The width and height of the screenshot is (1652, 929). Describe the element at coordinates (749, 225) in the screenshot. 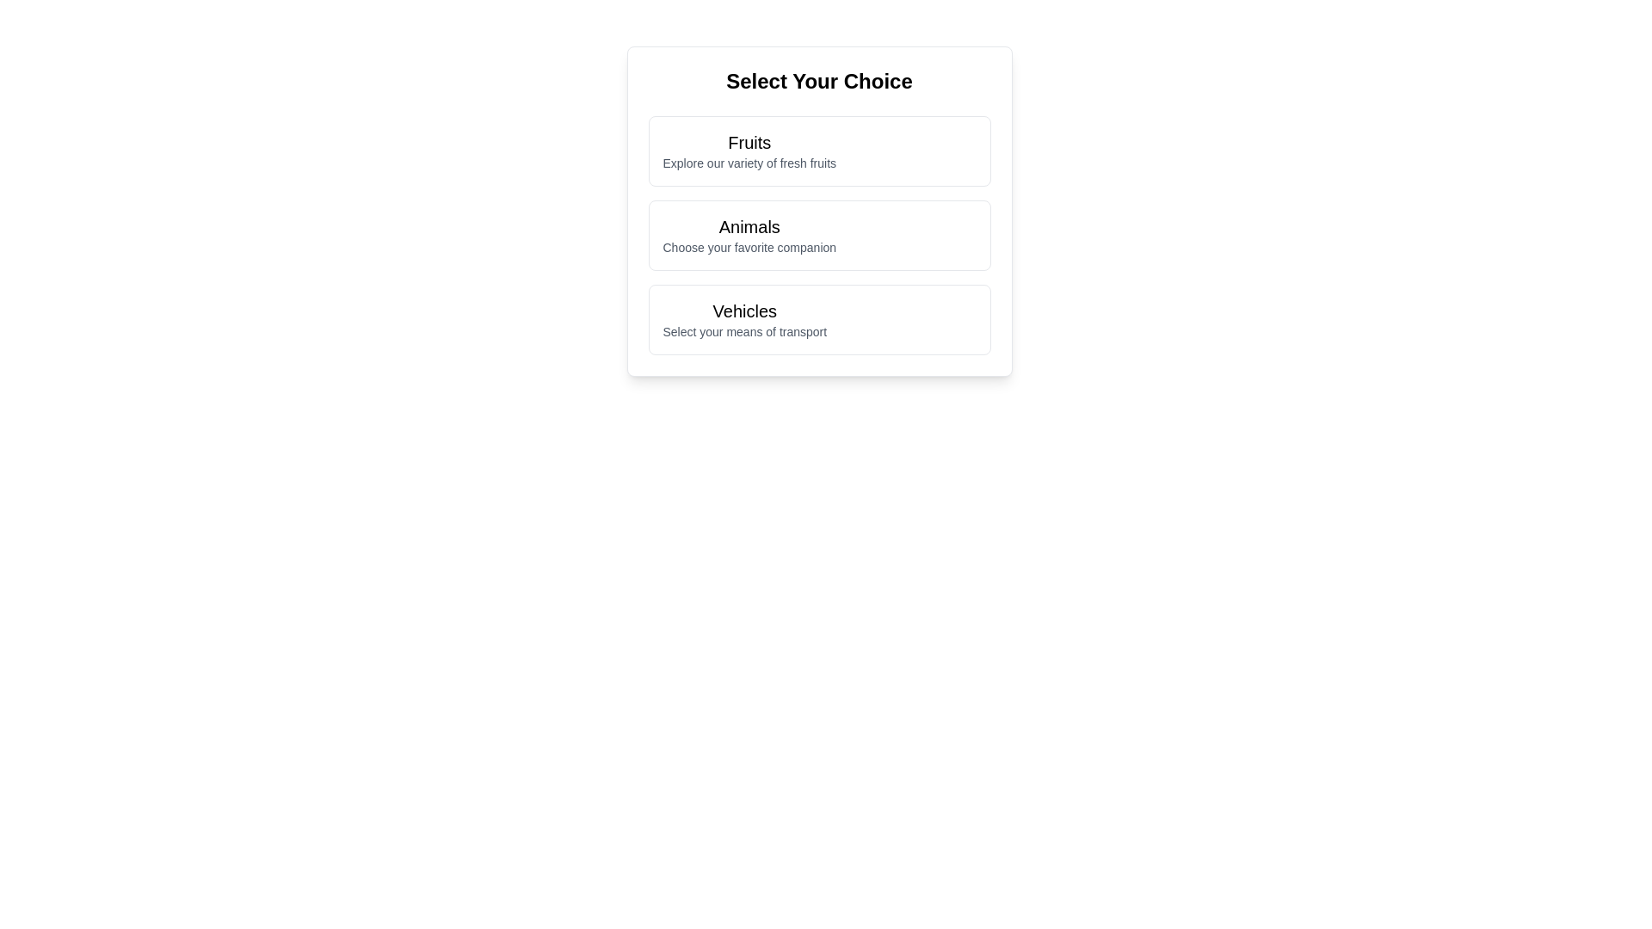

I see `static text label indicating the category 'Animals', which is positioned as the first line of text in the second card of a vertical list of options, located below the 'Fruits' card and above the 'Vehicles' card` at that location.